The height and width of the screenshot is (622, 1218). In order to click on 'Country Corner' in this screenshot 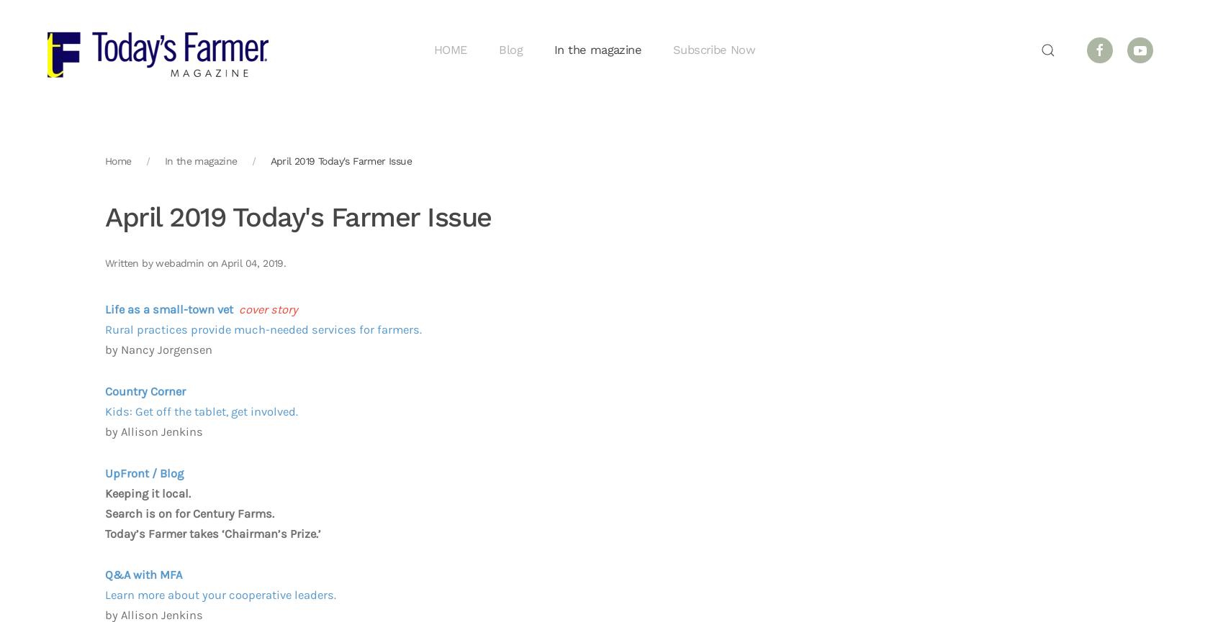, I will do `click(104, 390)`.